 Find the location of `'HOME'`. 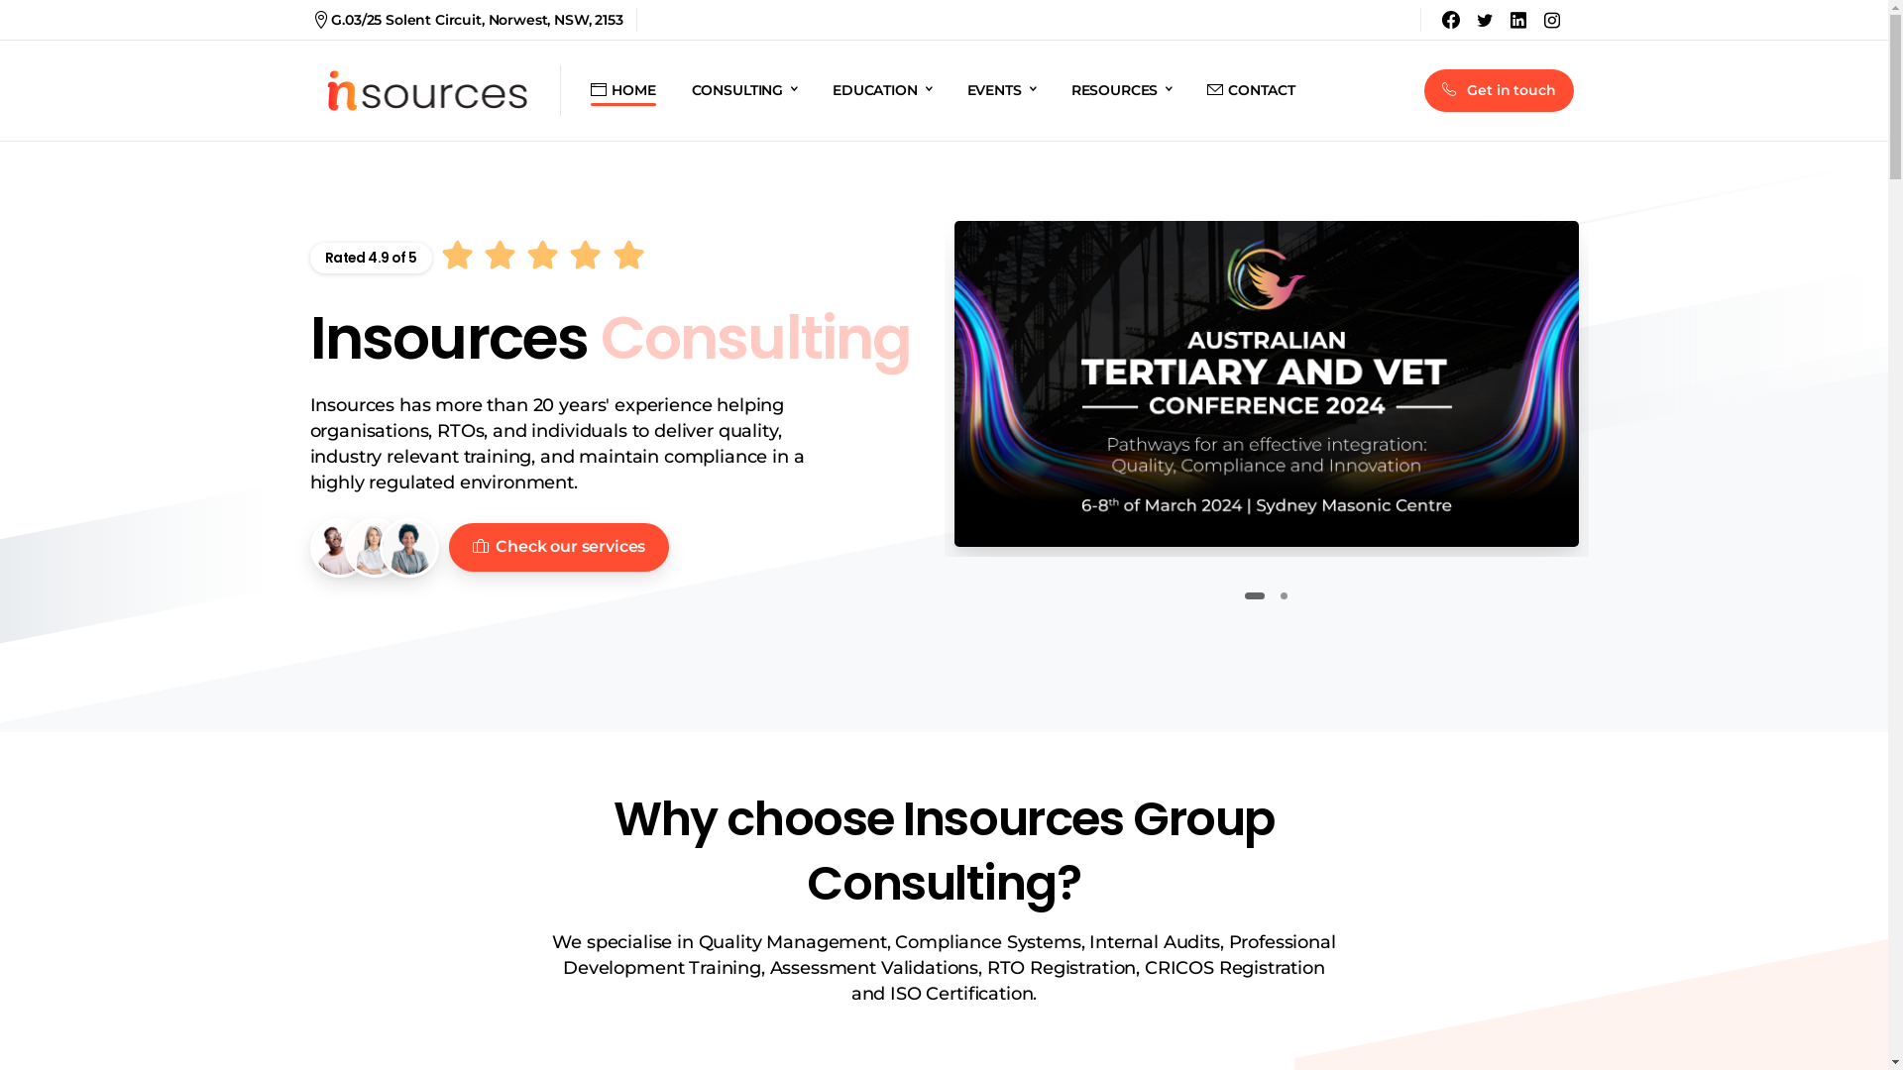

'HOME' is located at coordinates (621, 90).